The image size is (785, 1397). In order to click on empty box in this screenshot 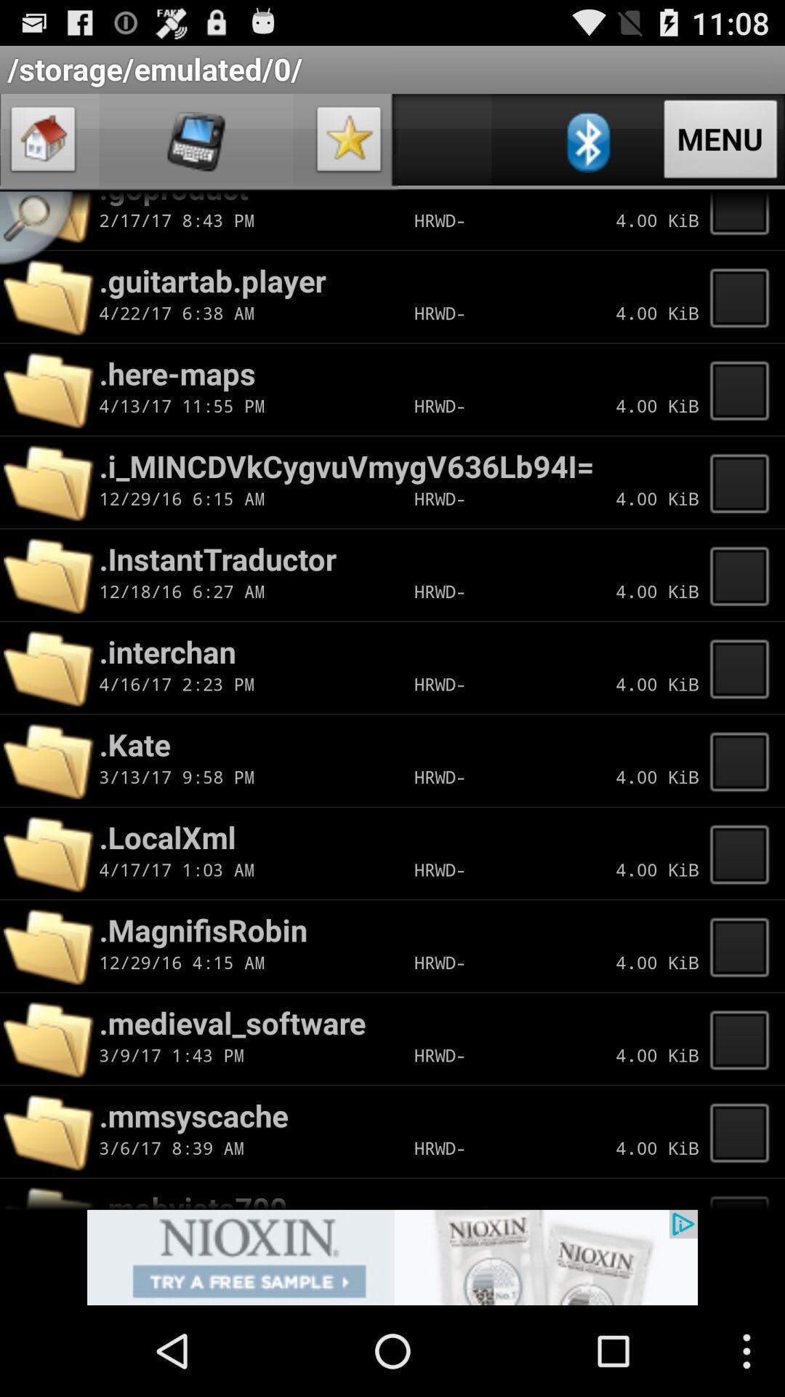, I will do `click(744, 666)`.